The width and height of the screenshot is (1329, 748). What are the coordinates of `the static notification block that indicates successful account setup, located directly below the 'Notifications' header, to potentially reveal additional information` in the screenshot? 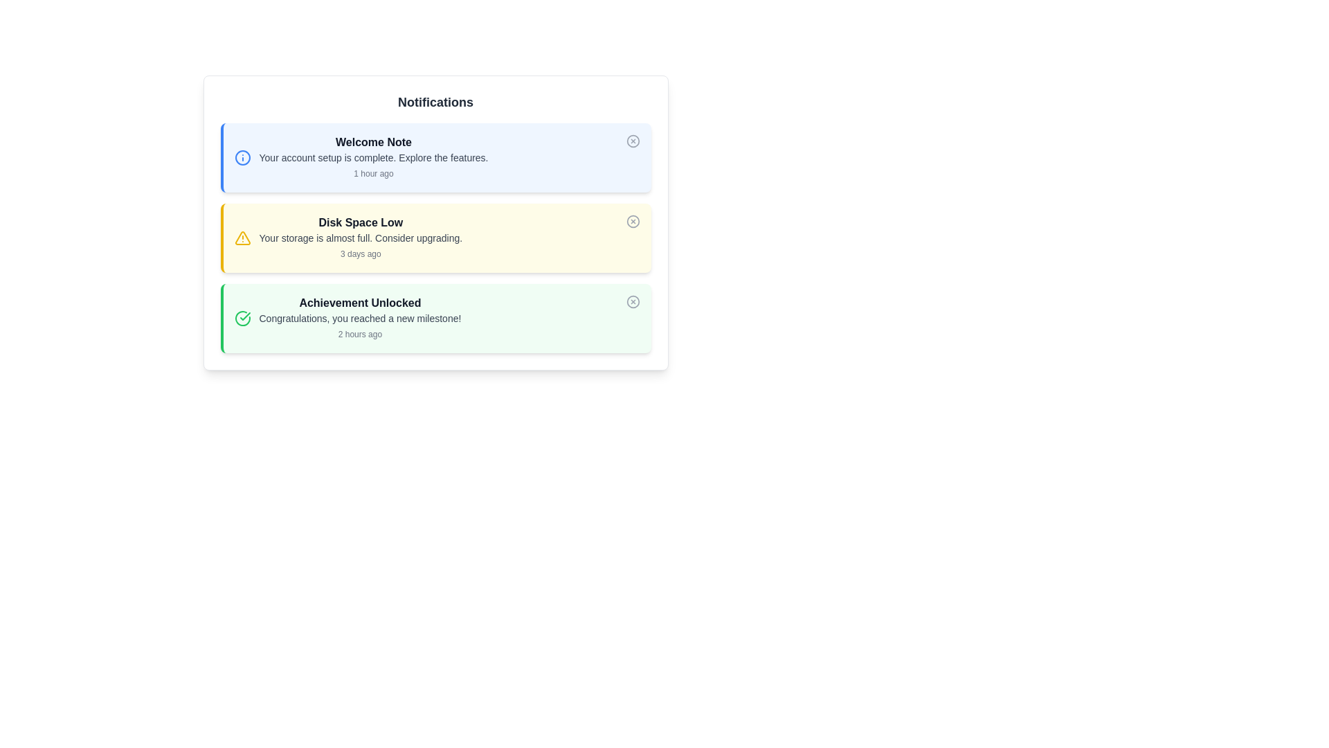 It's located at (374, 157).